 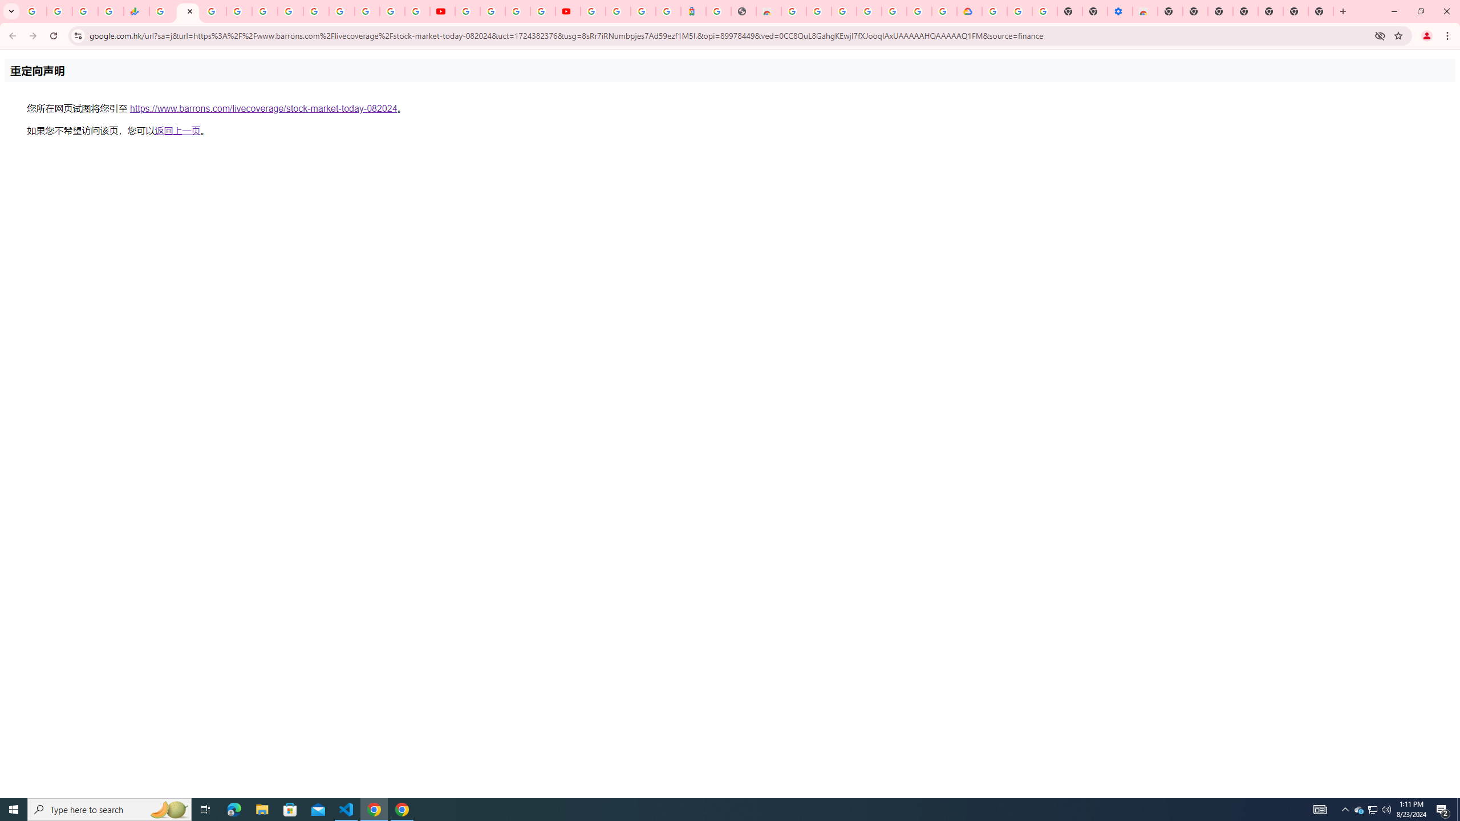 I want to click on 'YouTube', so click(x=441, y=11).